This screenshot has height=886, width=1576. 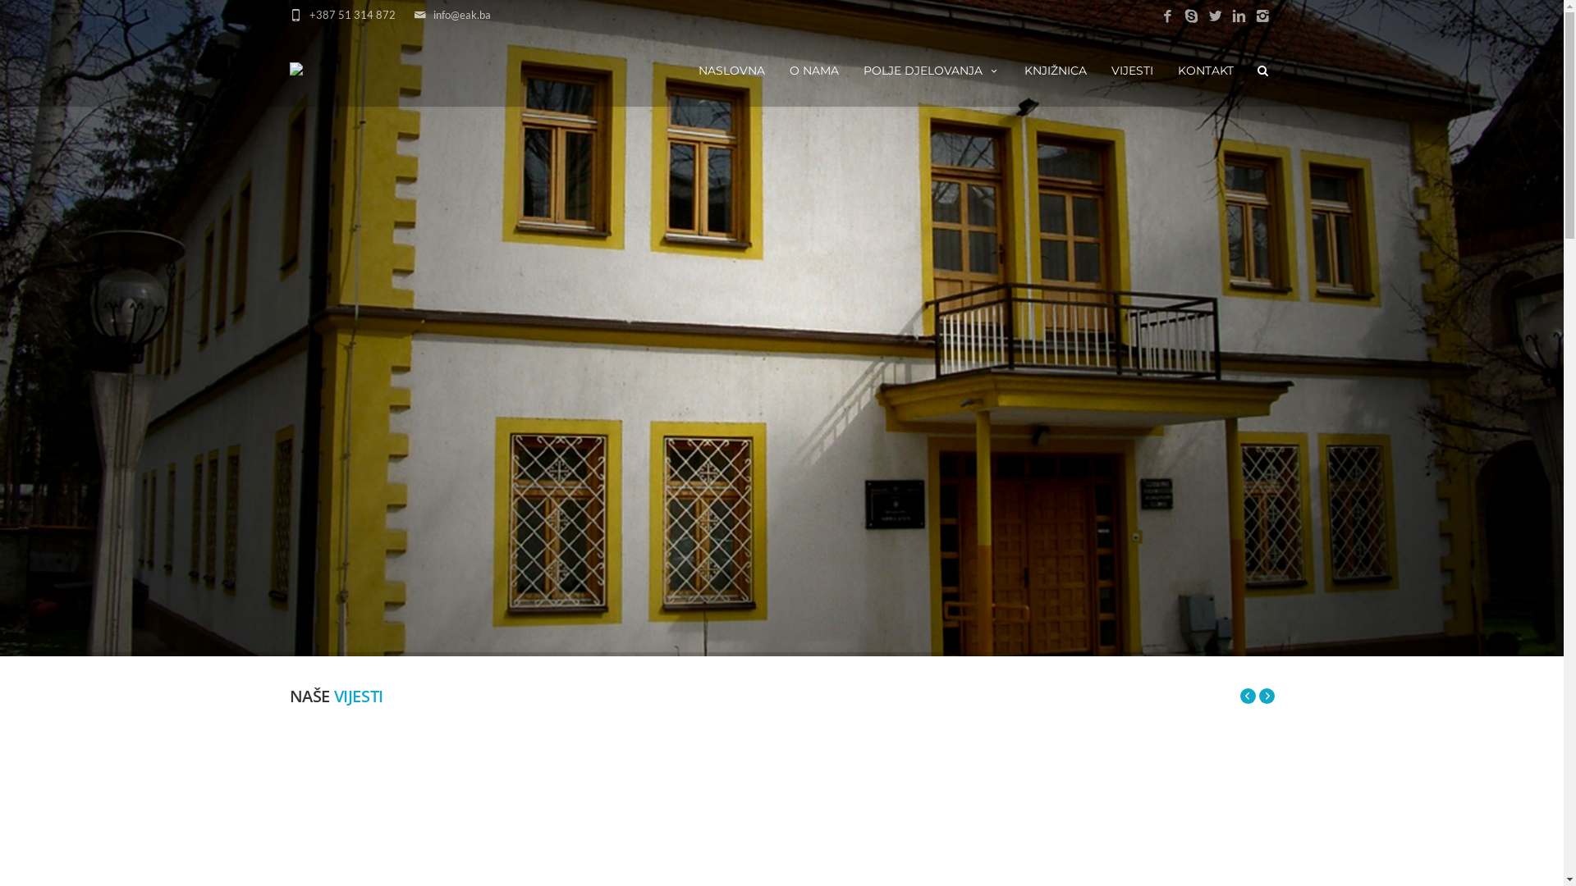 What do you see at coordinates (1215, 16) in the screenshot?
I see `'Twitter'` at bounding box center [1215, 16].